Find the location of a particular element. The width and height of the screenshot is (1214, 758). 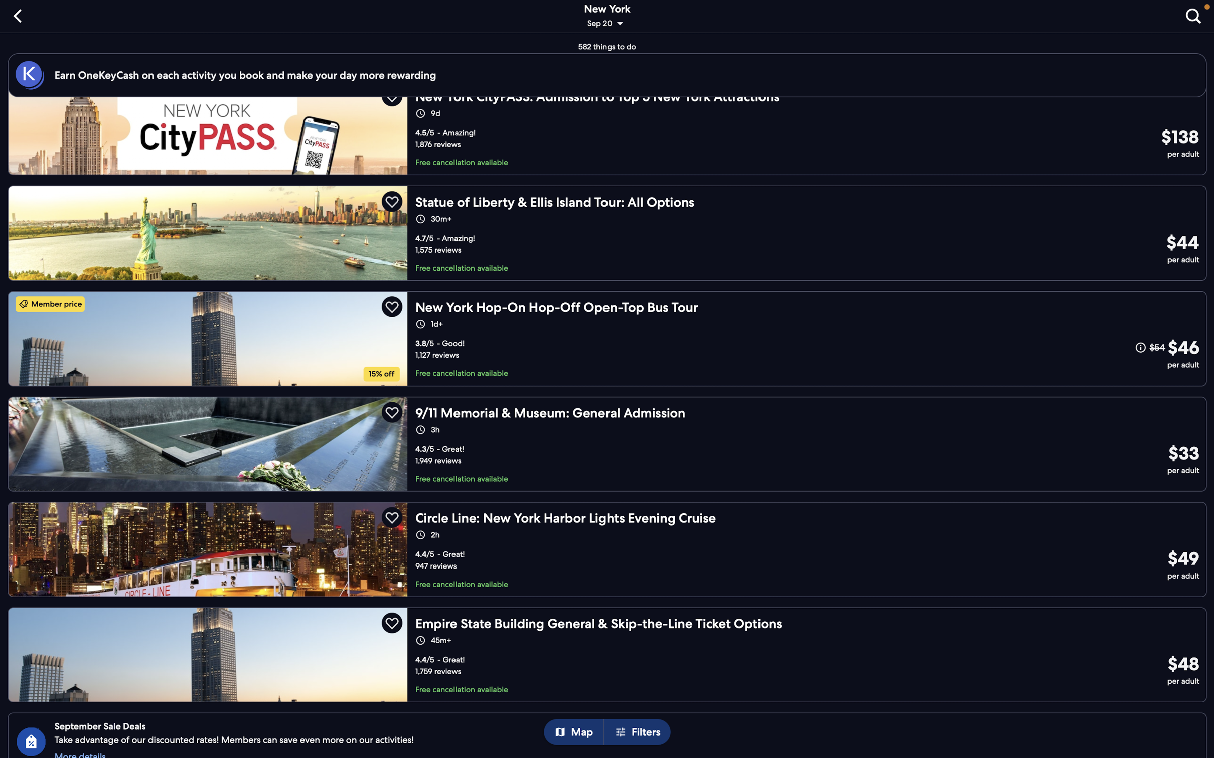

Opt for the "filters" option for refining your search results is located at coordinates (640, 732).